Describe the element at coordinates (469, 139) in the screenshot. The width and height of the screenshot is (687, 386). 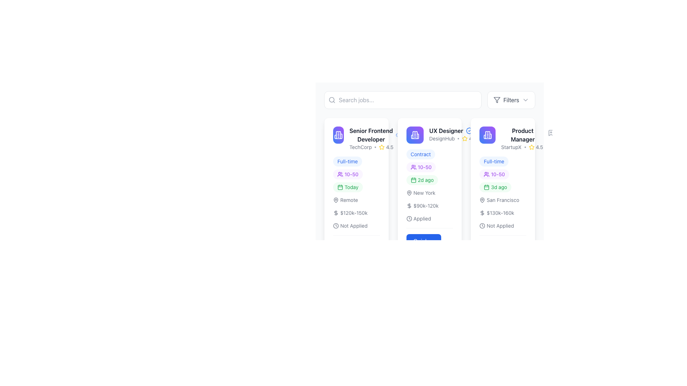
I see `displayed rating score '4.5' from the Rating badge located in the upper-right section of the 'UX Designer' card under DesignHub` at that location.